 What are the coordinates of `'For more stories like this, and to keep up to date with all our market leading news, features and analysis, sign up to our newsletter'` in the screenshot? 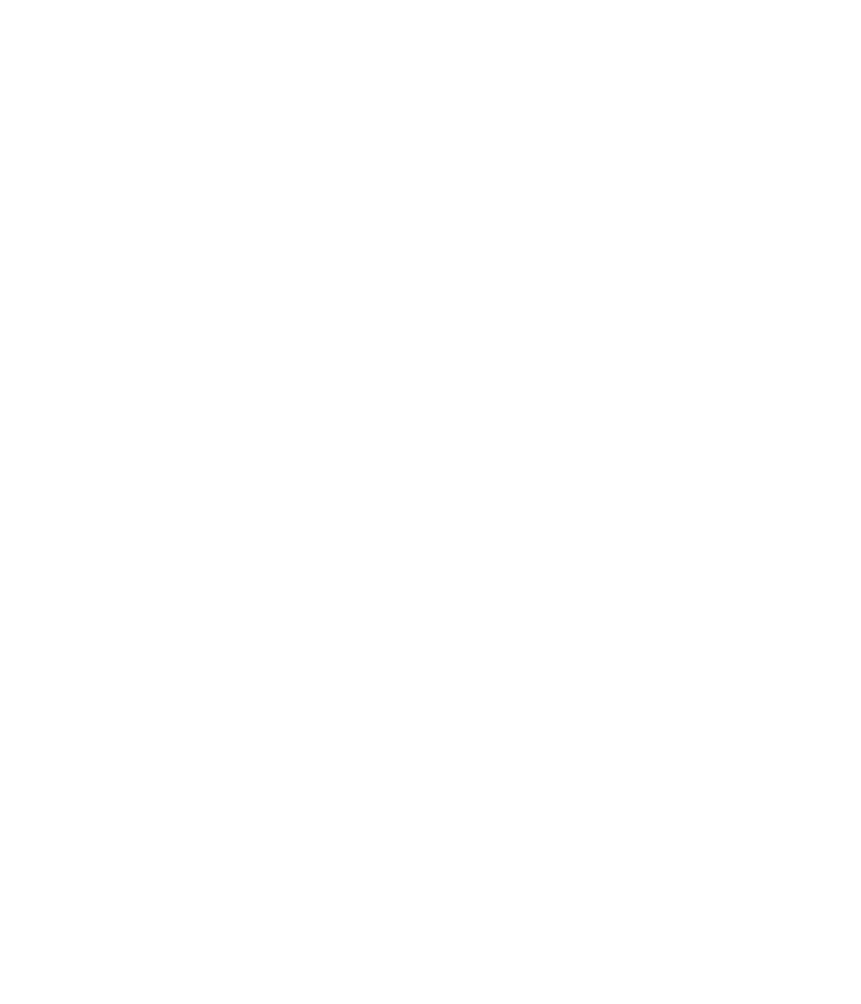 It's located at (430, 198).